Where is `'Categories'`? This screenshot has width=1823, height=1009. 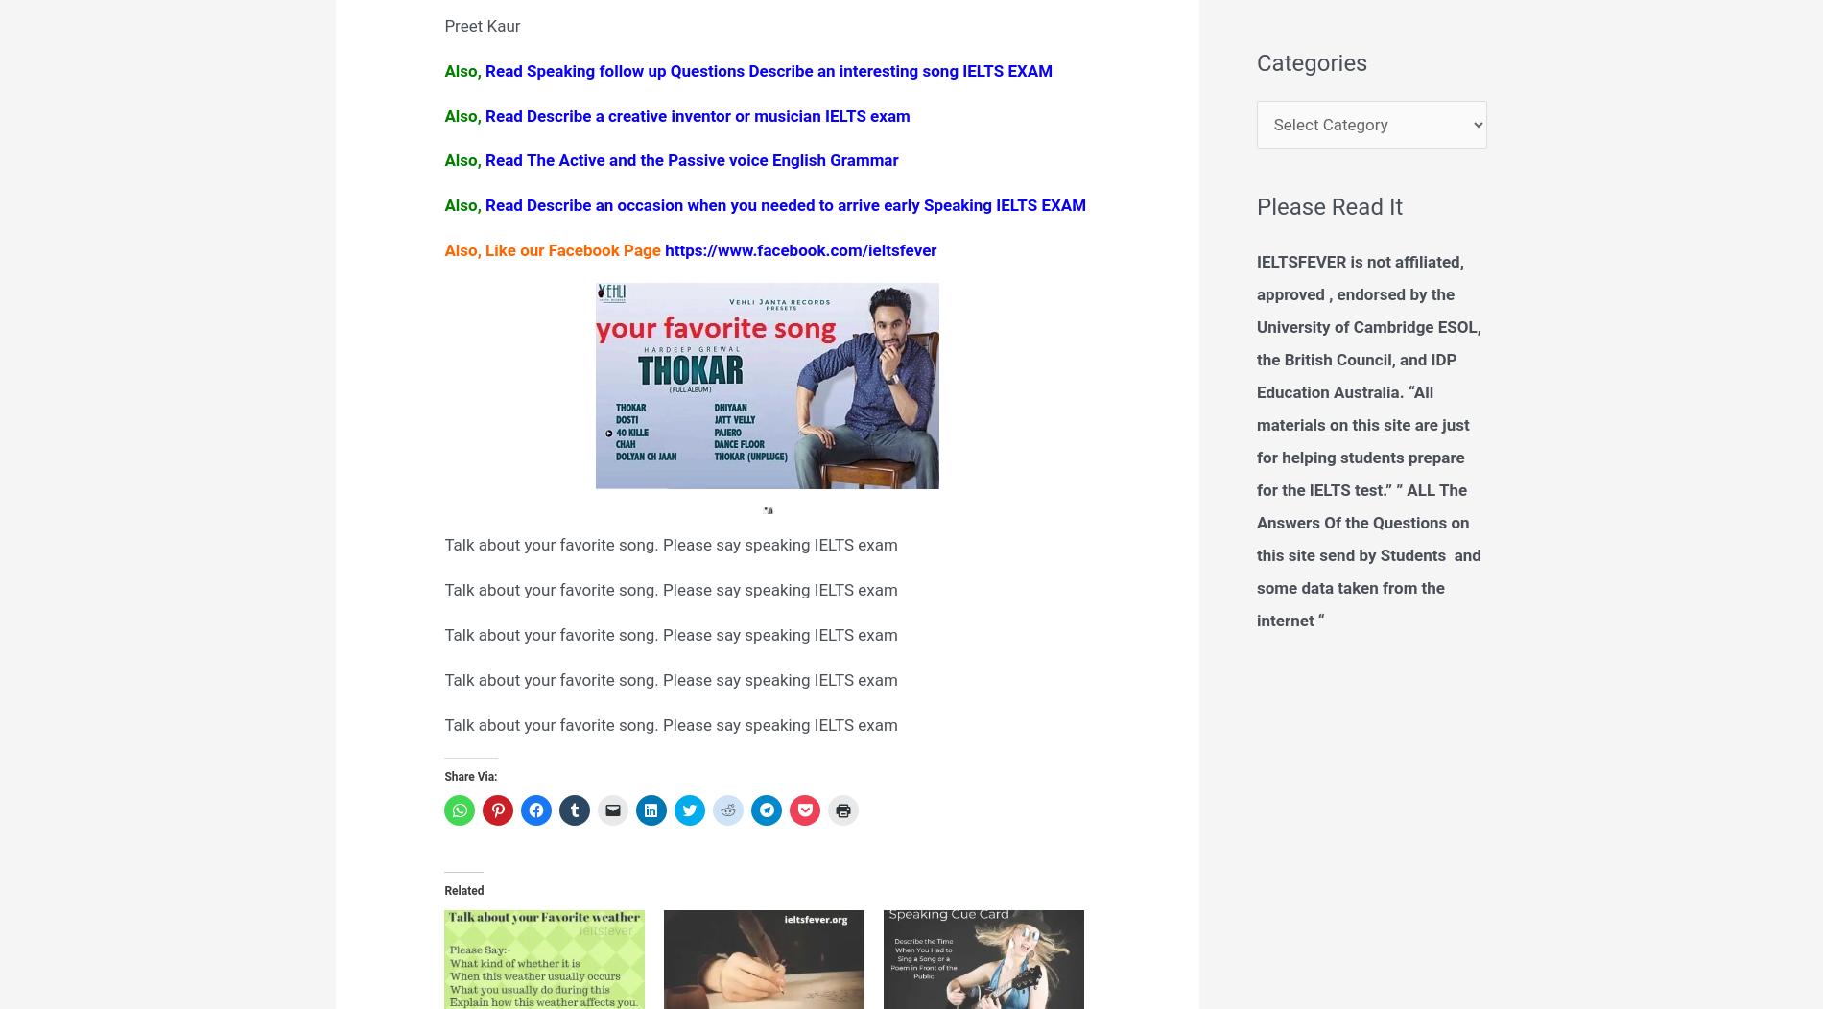
'Categories' is located at coordinates (1311, 61).